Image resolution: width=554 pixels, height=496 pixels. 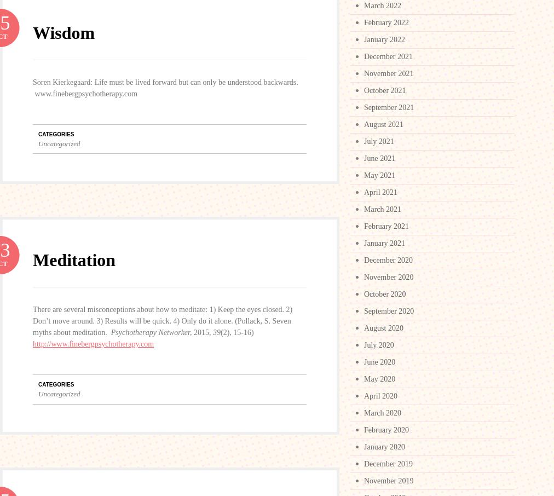 What do you see at coordinates (363, 310) in the screenshot?
I see `'September 2020'` at bounding box center [363, 310].